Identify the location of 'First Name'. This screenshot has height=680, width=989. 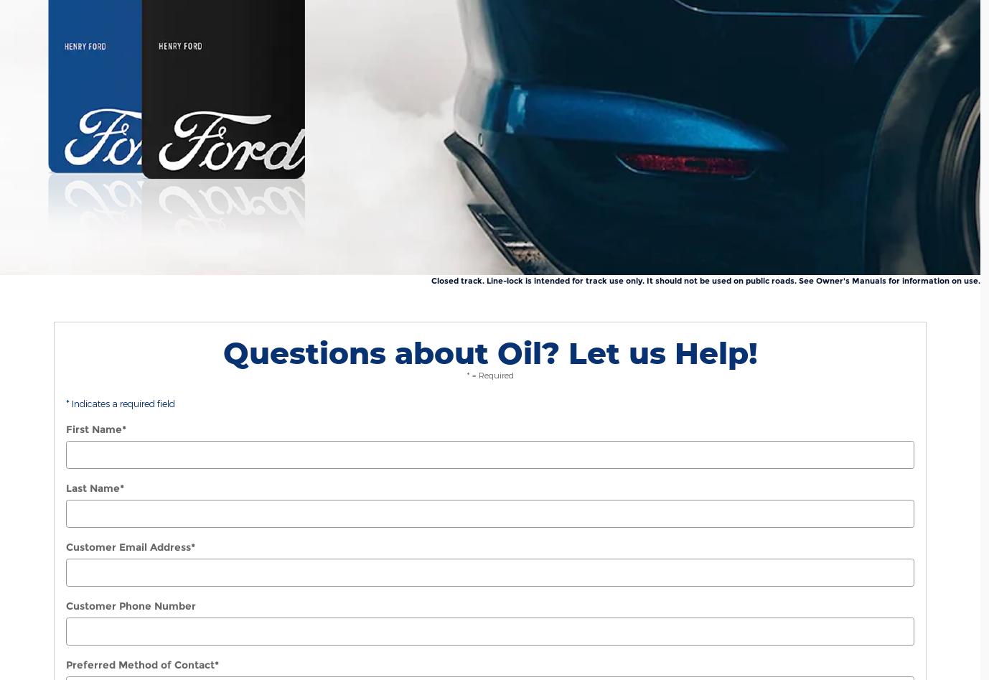
(65, 429).